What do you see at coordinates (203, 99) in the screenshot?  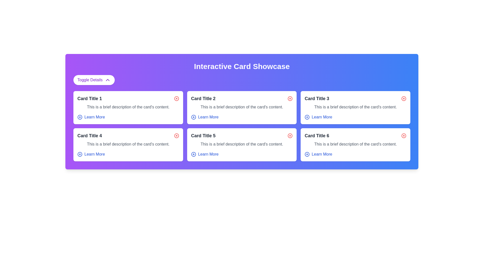 I see `the text heading that reads 'Card Title 2', which is the leftmost text in the top-right card of the grid layout` at bounding box center [203, 99].